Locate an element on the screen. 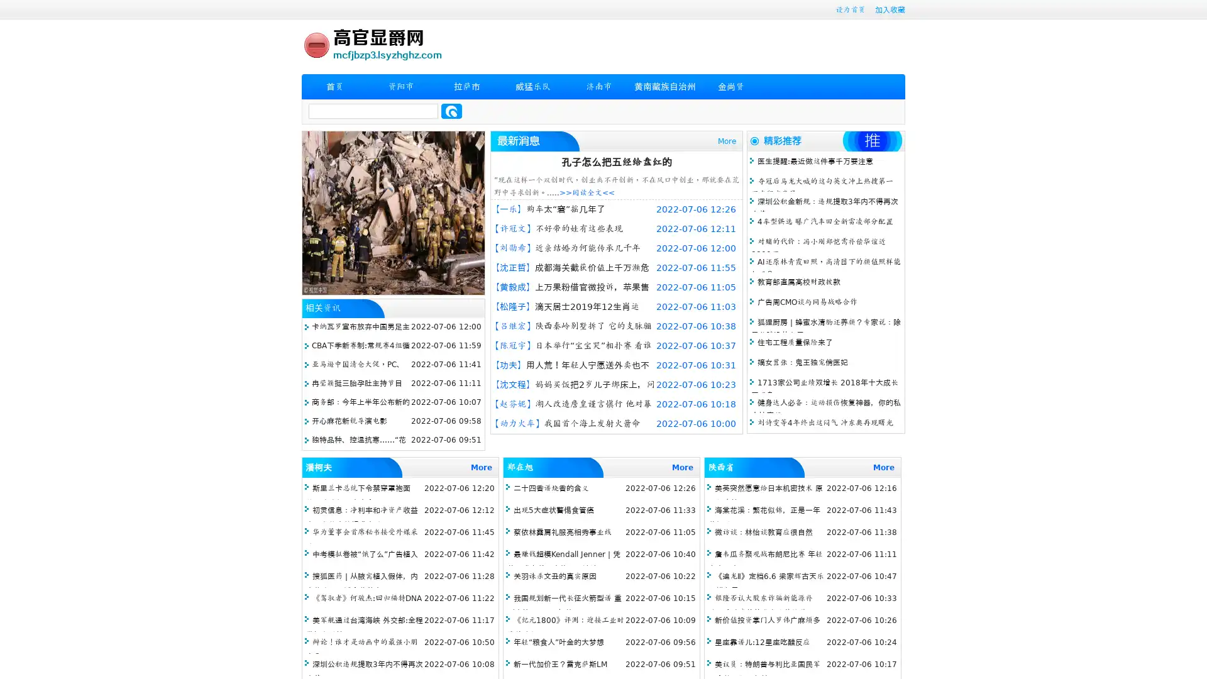  Search is located at coordinates (451, 111).